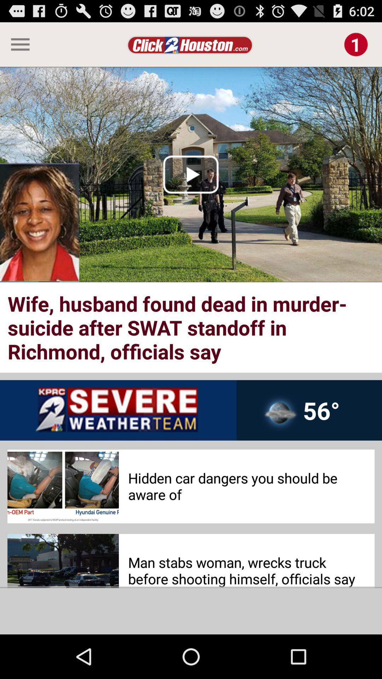 The width and height of the screenshot is (382, 679). I want to click on the first video from the bottom at bottom left, so click(63, 561).